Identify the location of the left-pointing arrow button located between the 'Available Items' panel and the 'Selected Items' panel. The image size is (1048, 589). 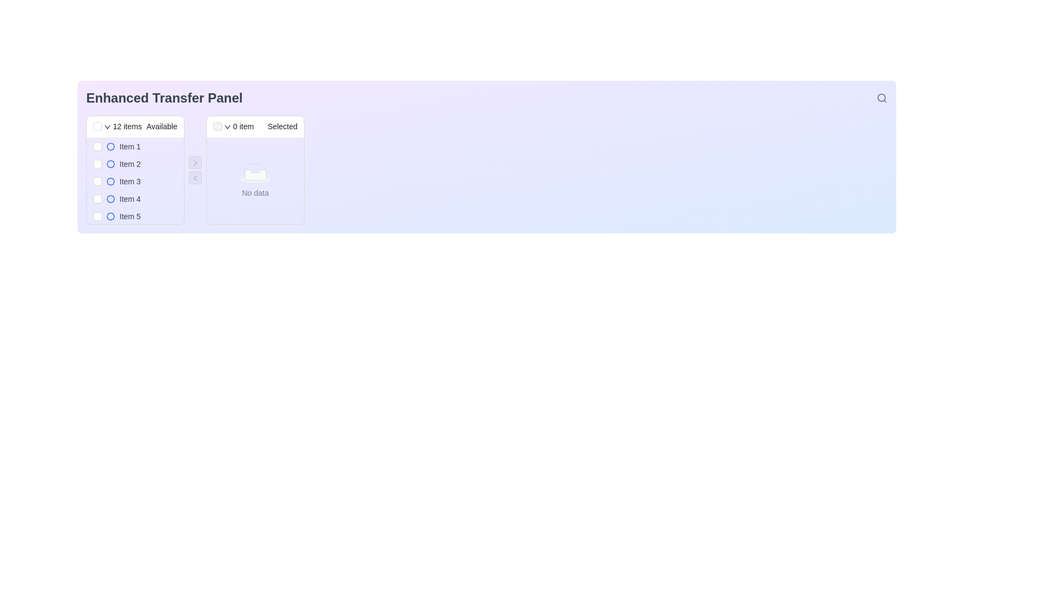
(195, 177).